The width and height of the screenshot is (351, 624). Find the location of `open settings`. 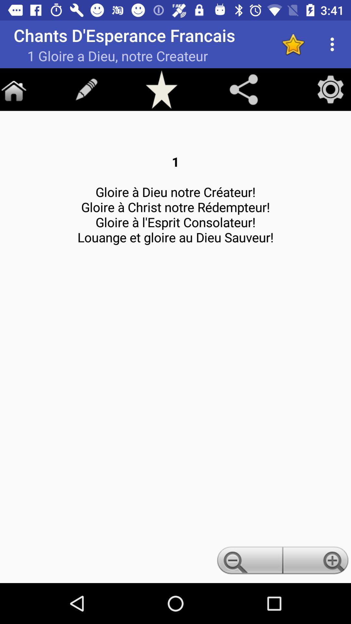

open settings is located at coordinates (331, 89).